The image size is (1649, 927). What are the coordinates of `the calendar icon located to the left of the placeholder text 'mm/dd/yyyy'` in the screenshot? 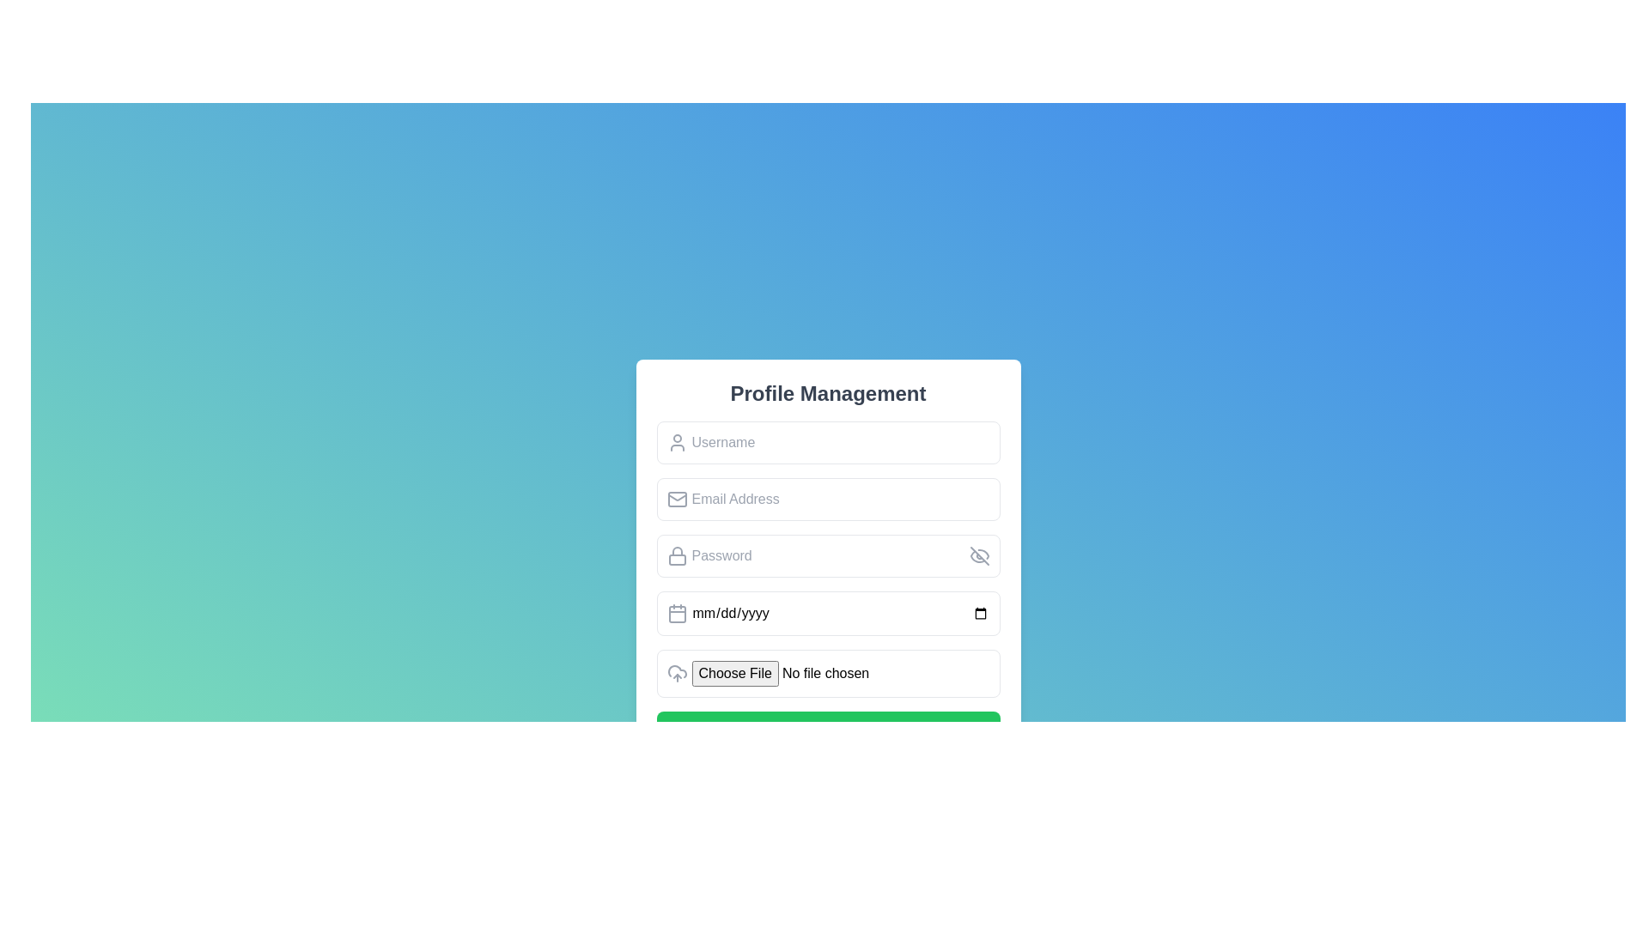 It's located at (676, 614).